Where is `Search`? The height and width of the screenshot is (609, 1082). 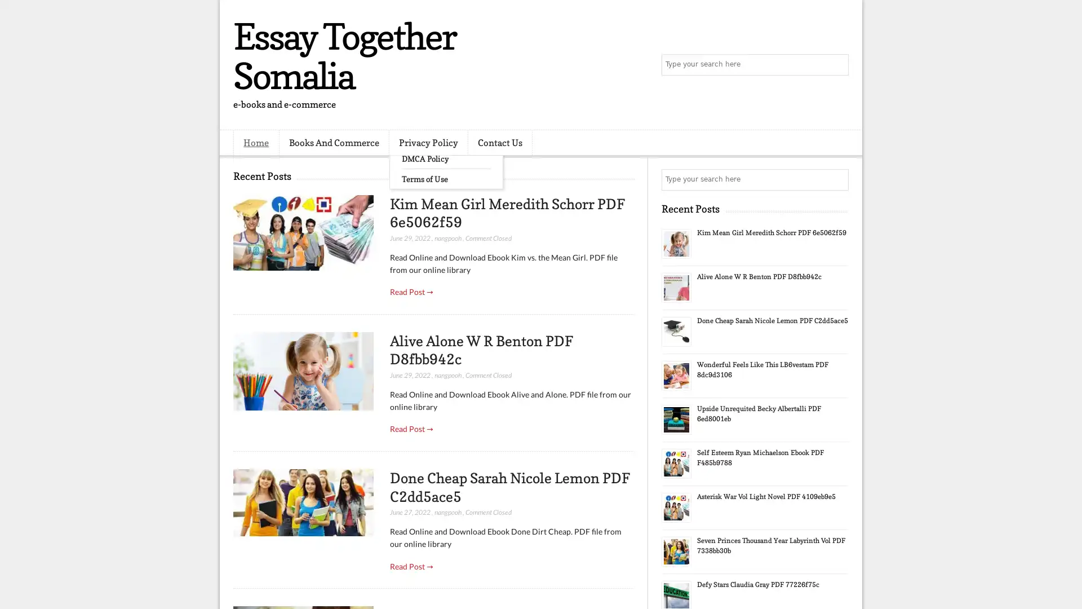
Search is located at coordinates (837, 179).